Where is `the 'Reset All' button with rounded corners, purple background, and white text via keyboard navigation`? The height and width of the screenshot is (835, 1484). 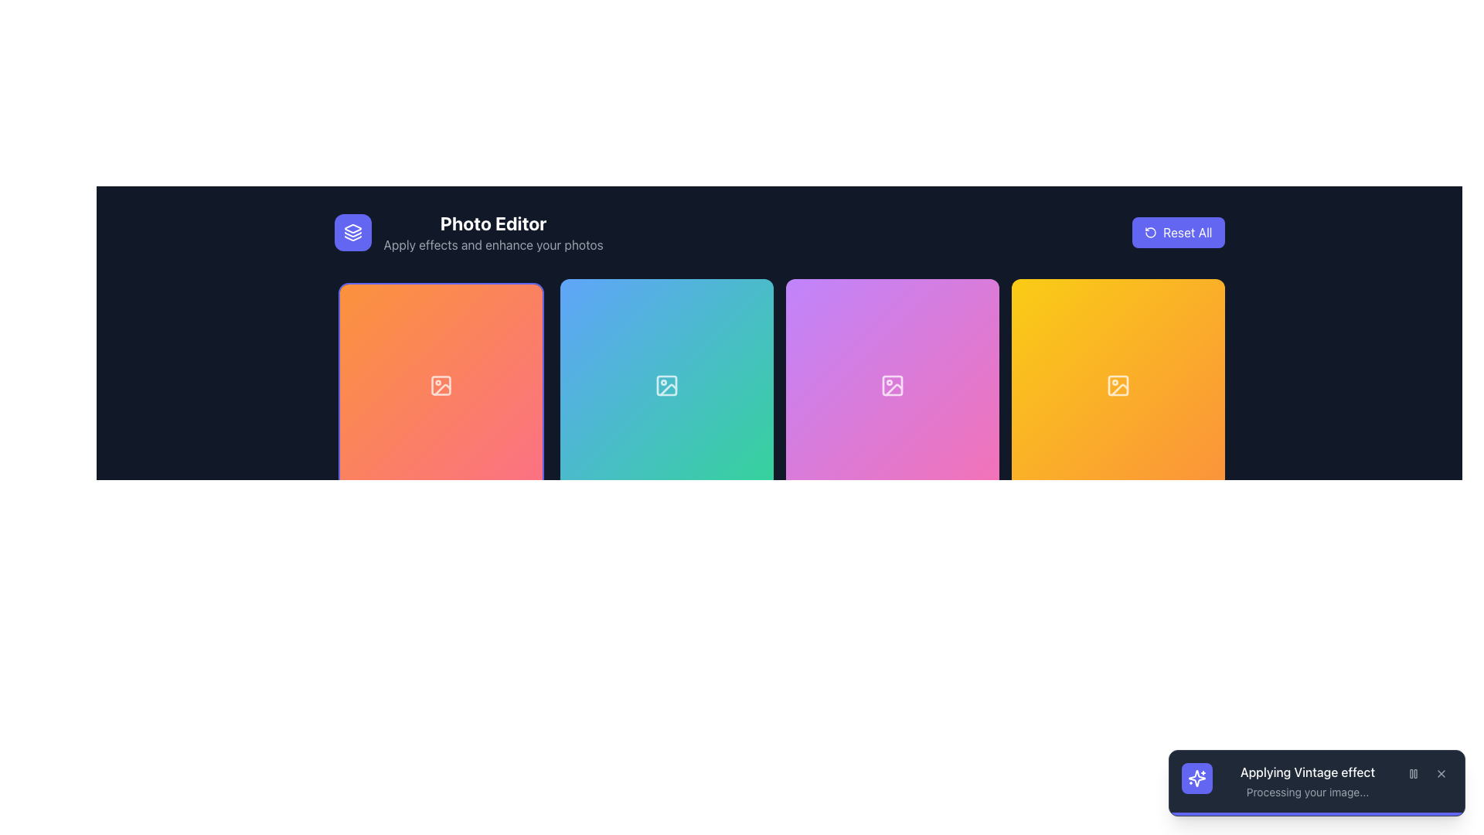
the 'Reset All' button with rounded corners, purple background, and white text via keyboard navigation is located at coordinates (1177, 232).